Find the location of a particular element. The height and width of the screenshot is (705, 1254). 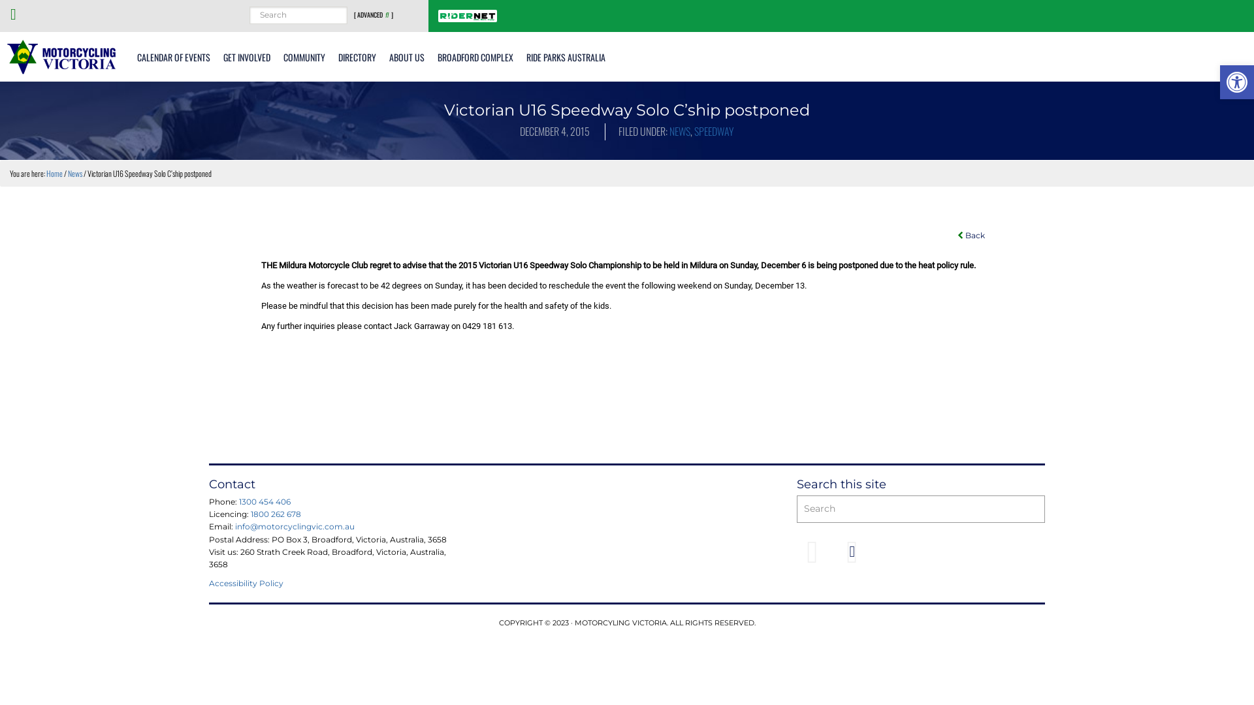

'Back' is located at coordinates (950, 236).